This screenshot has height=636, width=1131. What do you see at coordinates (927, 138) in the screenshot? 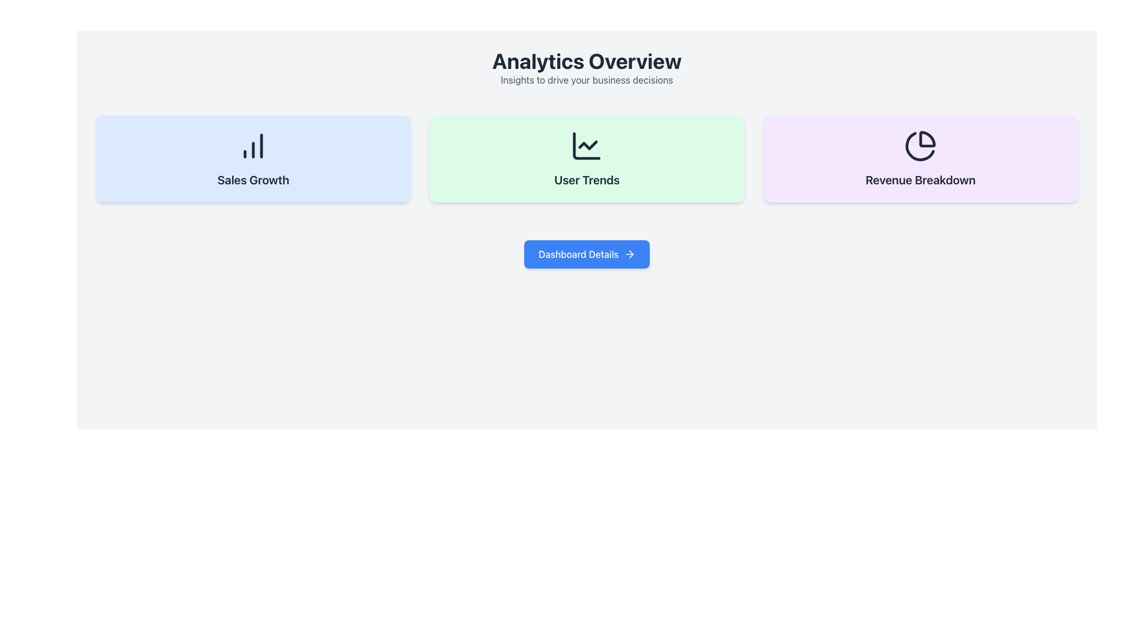
I see `the right curved portion of the pie chart icon within the 'Revenue Breakdown' purple card` at bounding box center [927, 138].